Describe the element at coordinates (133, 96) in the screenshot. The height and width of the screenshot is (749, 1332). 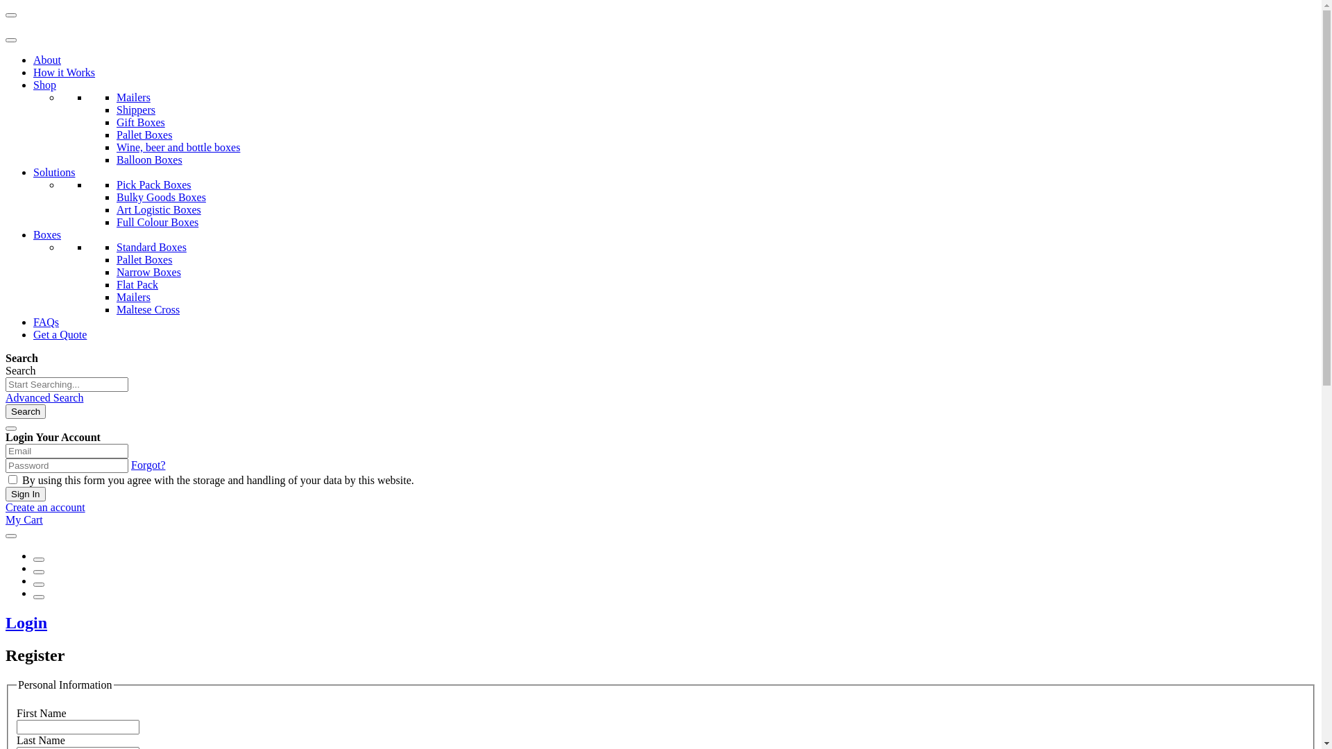
I see `'Mailers'` at that location.